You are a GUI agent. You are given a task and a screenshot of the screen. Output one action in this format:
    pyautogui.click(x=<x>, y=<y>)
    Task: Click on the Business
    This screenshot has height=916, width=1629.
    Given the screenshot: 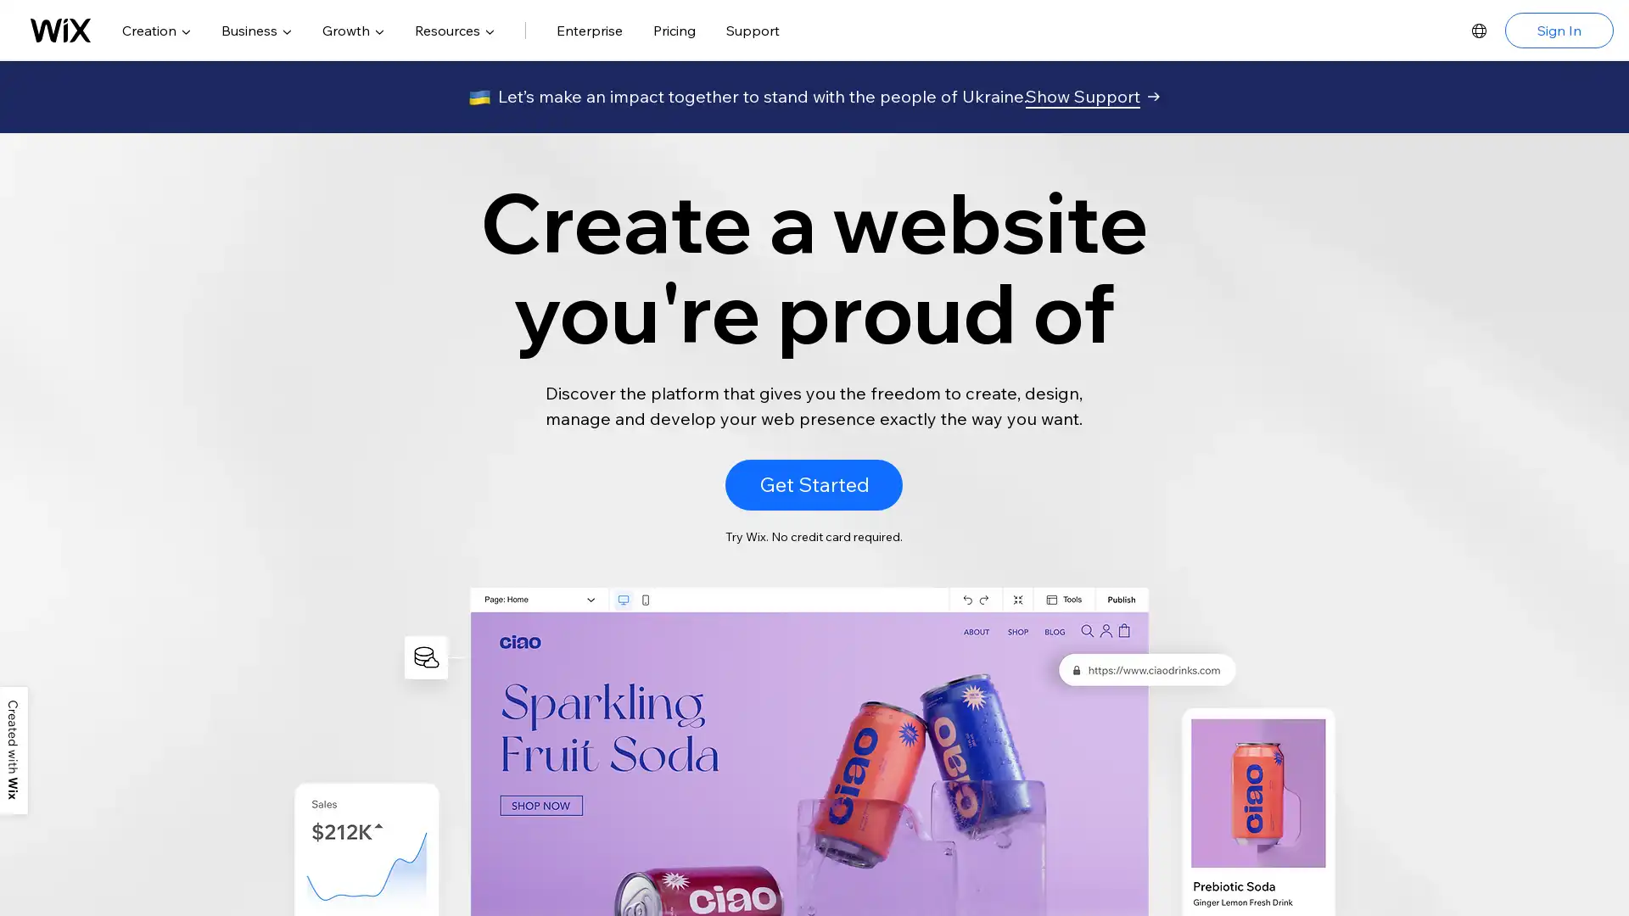 What is the action you would take?
    pyautogui.click(x=255, y=29)
    